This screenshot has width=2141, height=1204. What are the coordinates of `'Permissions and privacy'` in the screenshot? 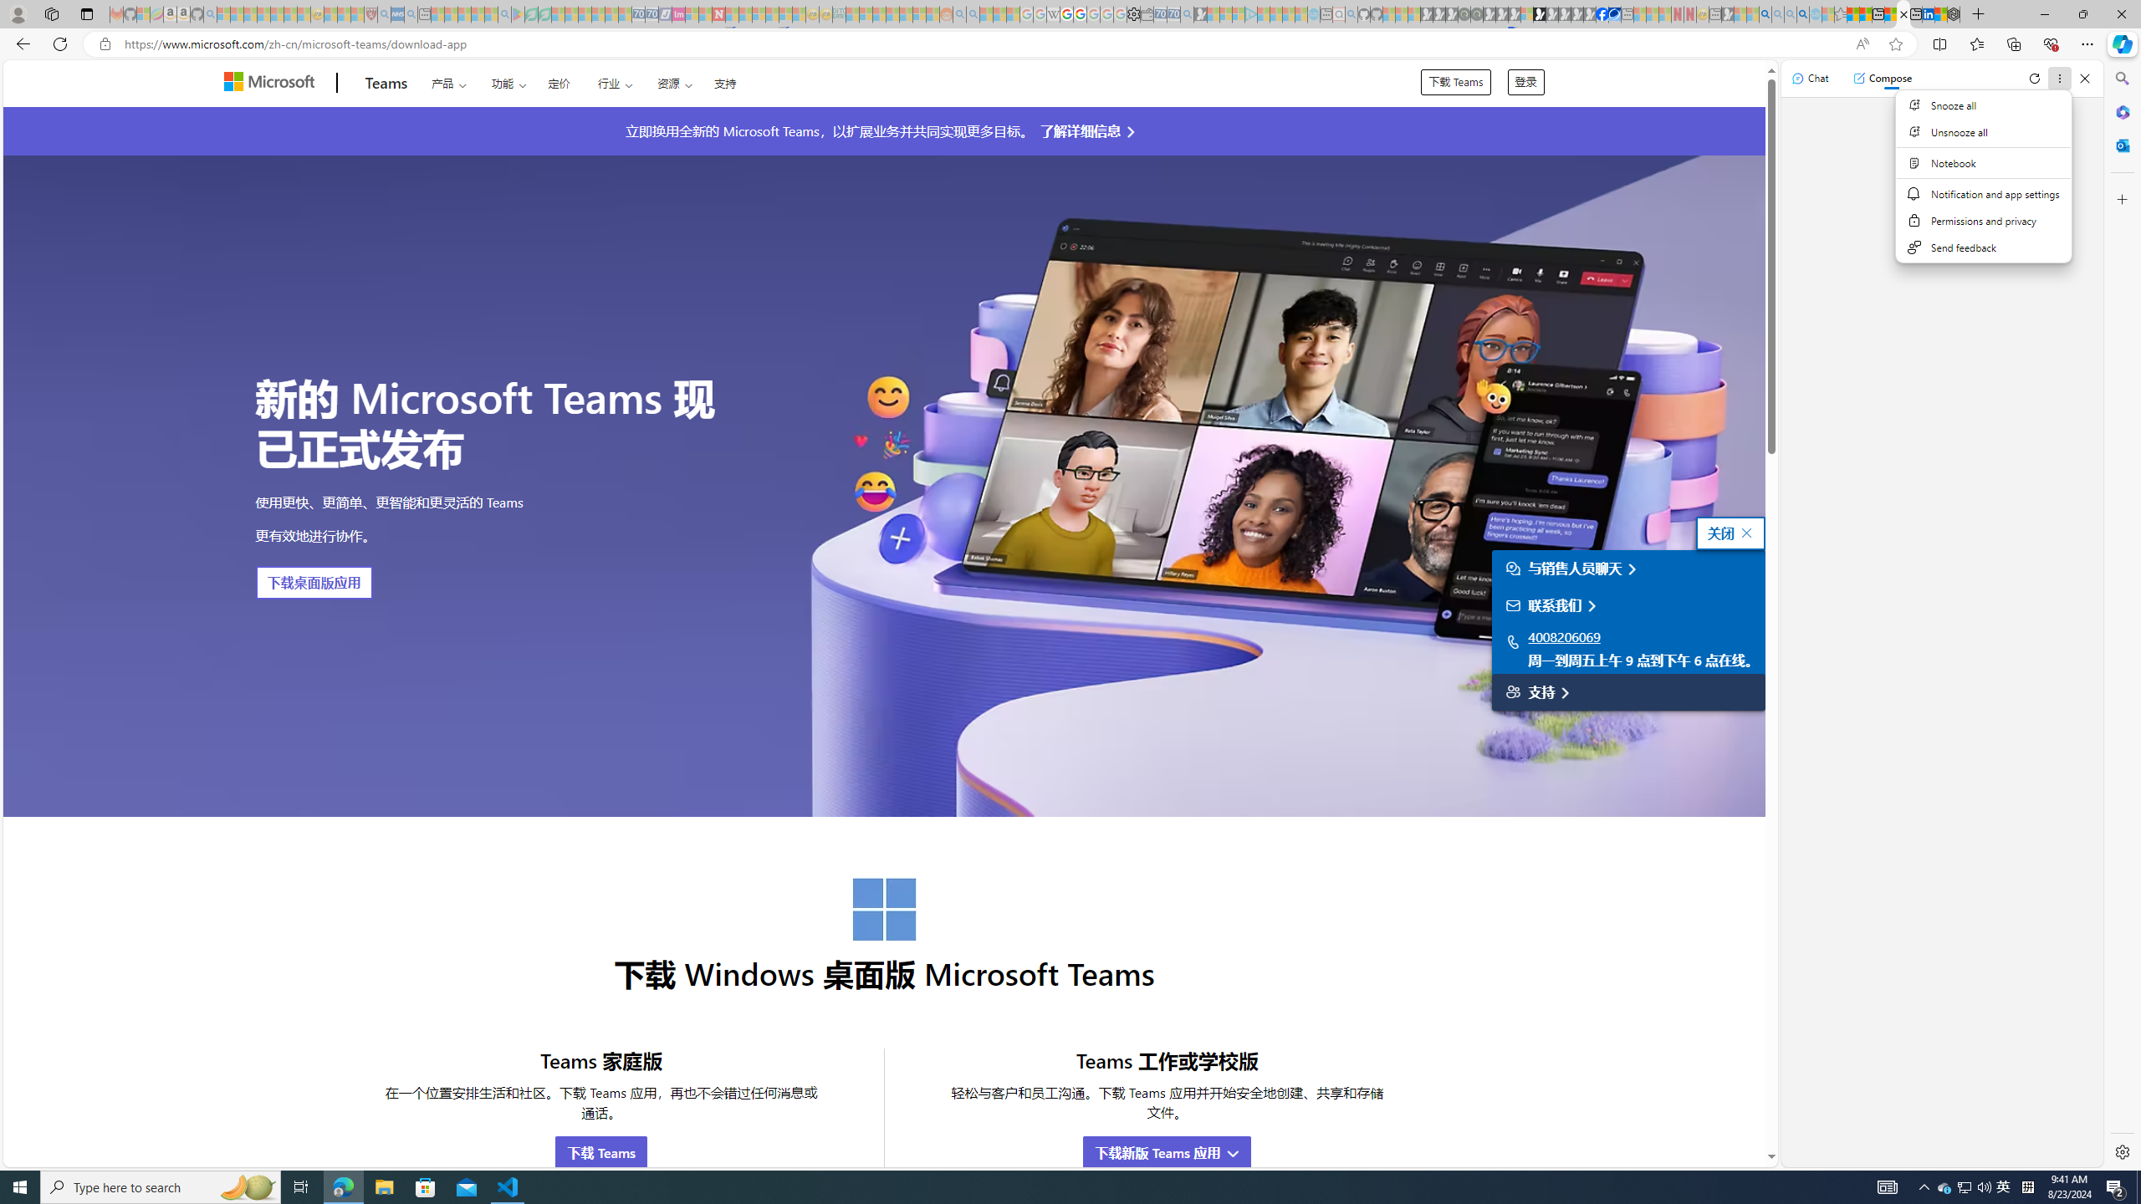 It's located at (1984, 220).